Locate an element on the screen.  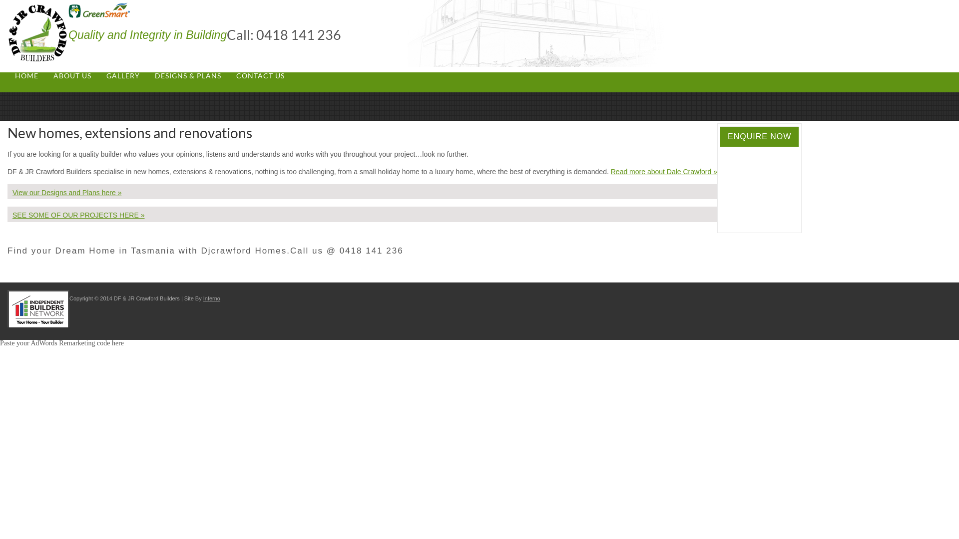
'DESIGNS & PLANS' is located at coordinates (146, 75).